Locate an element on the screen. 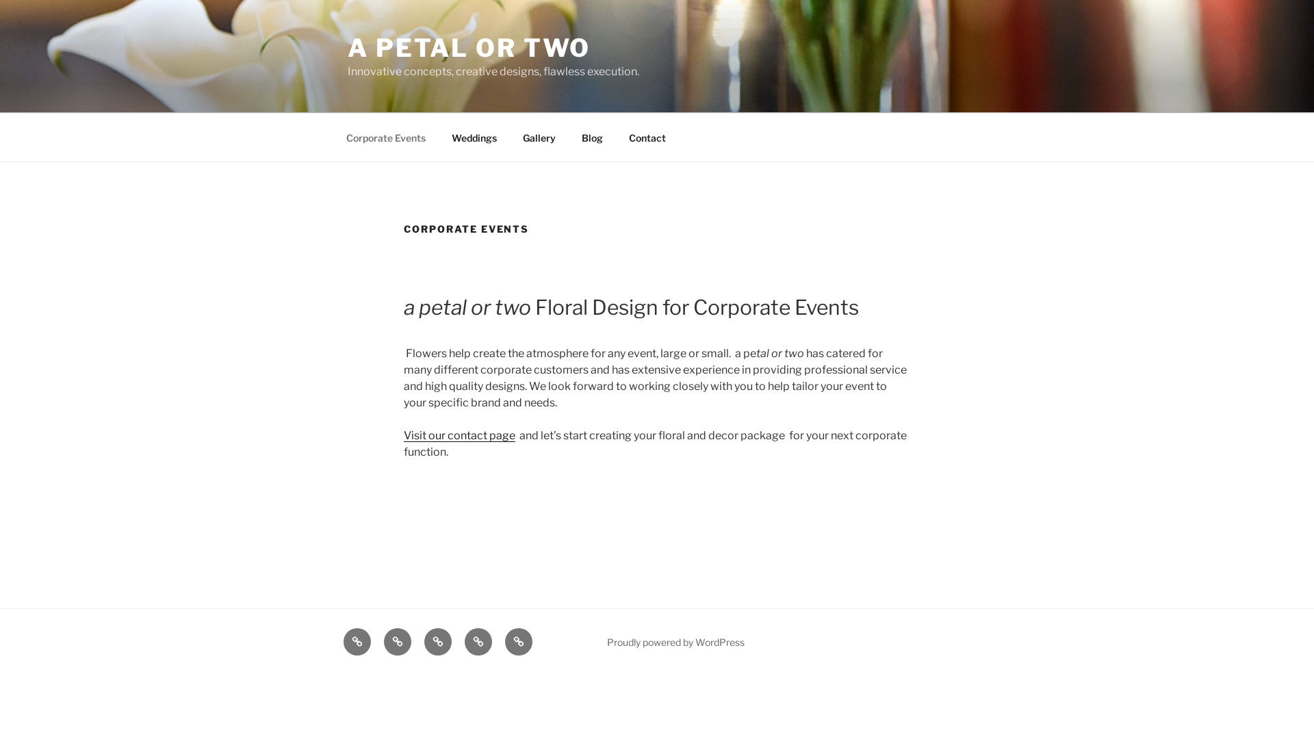 Image resolution: width=1314 pixels, height=739 pixels. 'Weddings' is located at coordinates (439, 137).